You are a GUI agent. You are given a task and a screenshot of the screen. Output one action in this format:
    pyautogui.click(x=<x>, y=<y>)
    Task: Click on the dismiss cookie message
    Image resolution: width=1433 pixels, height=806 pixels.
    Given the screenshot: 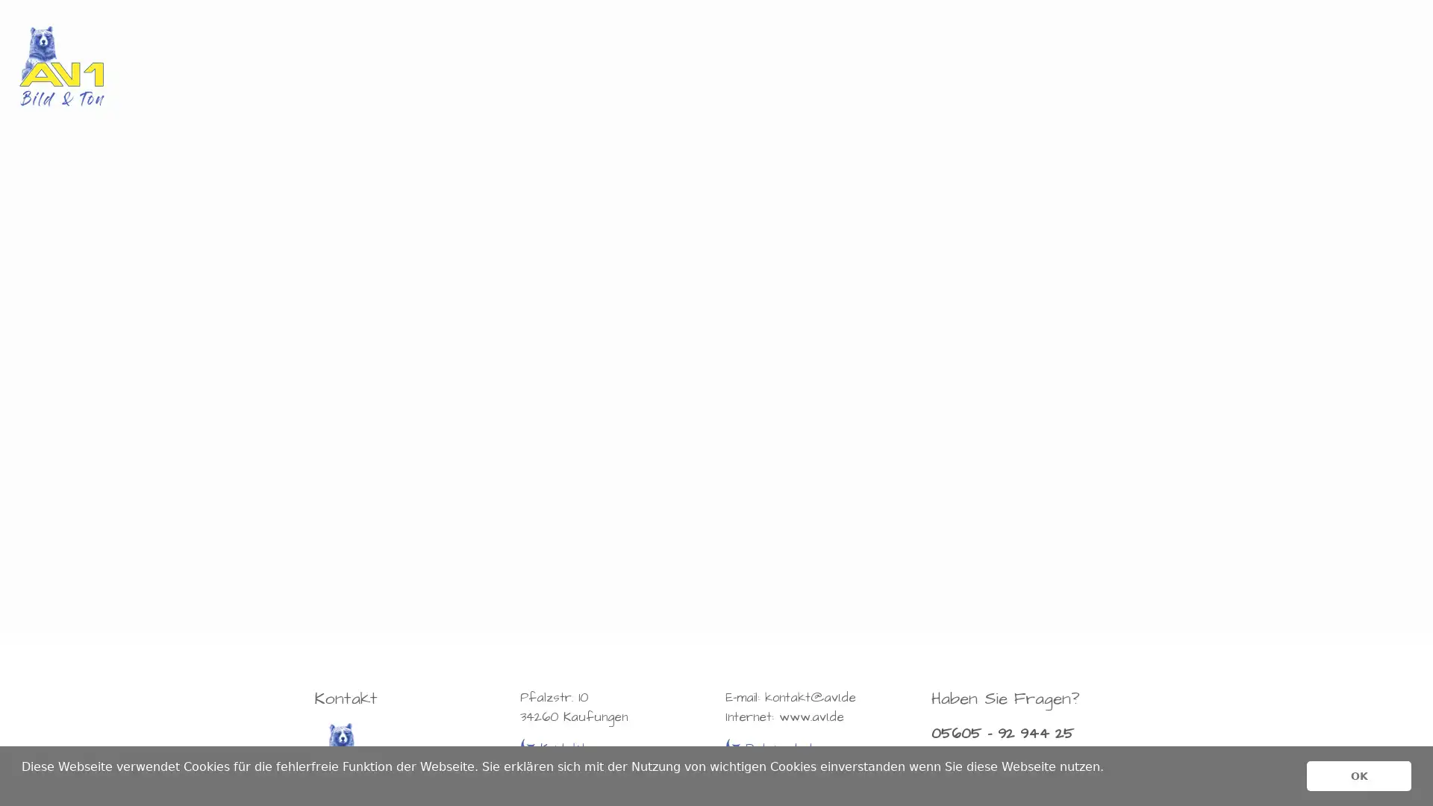 What is the action you would take?
    pyautogui.click(x=1358, y=775)
    